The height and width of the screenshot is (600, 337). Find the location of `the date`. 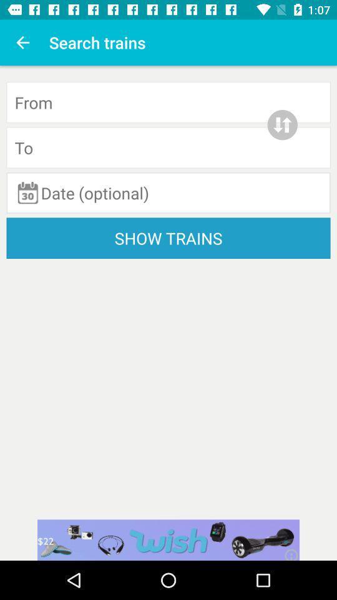

the date is located at coordinates (168, 192).